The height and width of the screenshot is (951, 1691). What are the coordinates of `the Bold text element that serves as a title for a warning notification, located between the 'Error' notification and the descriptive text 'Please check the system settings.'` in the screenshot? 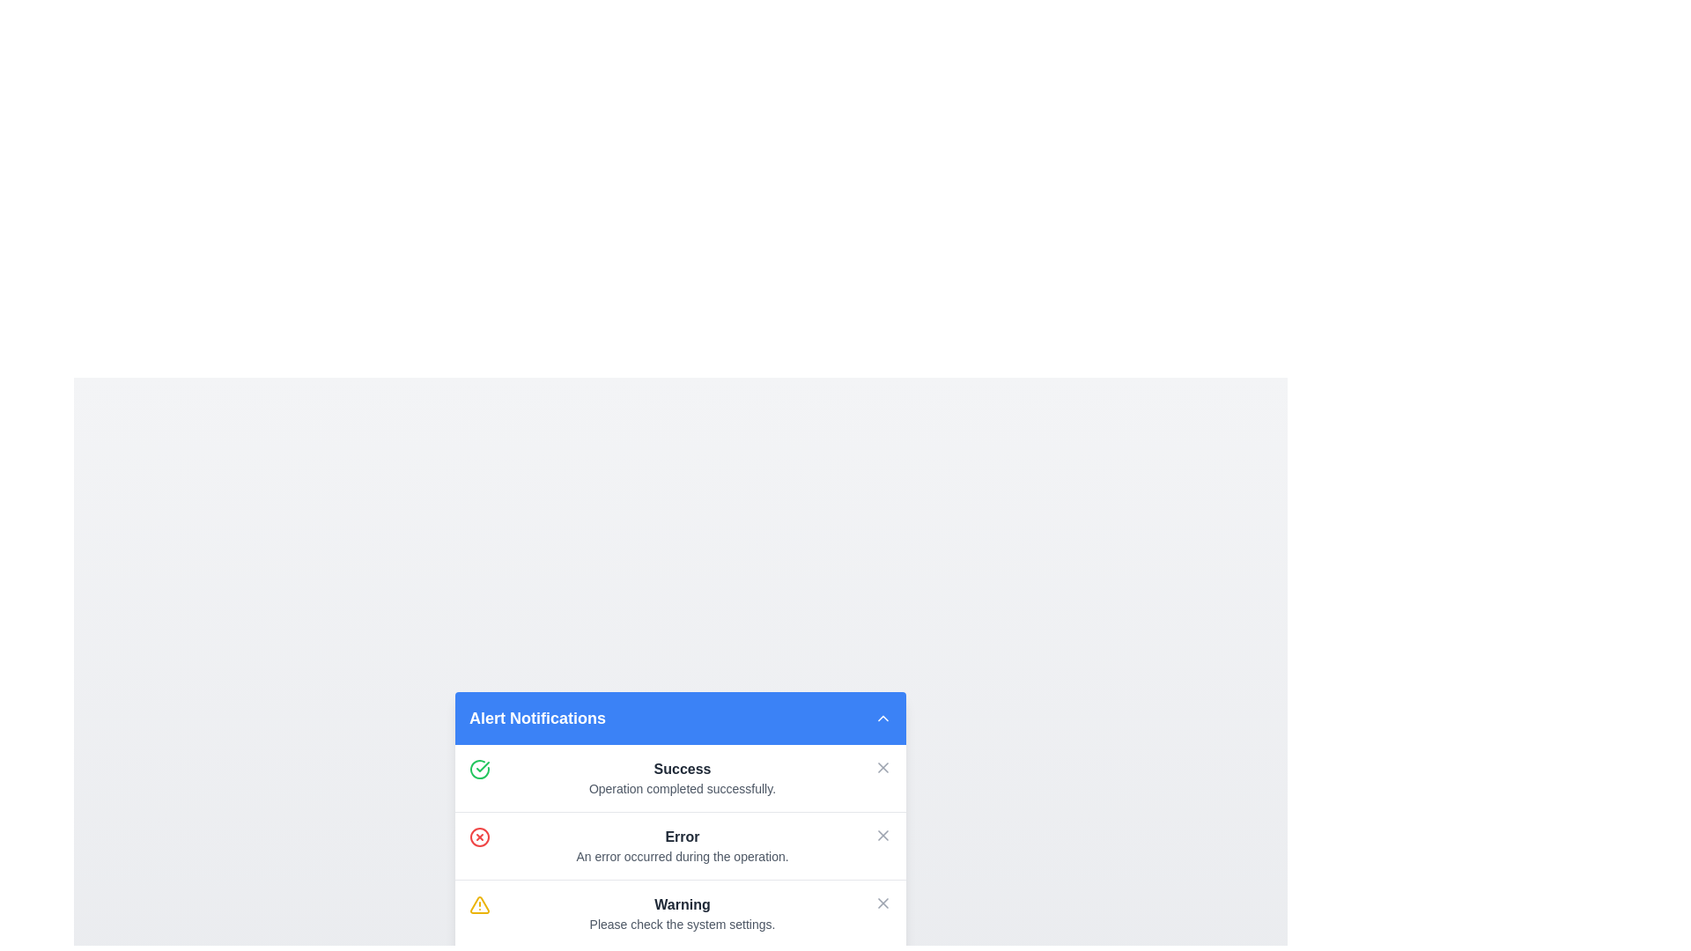 It's located at (681, 903).